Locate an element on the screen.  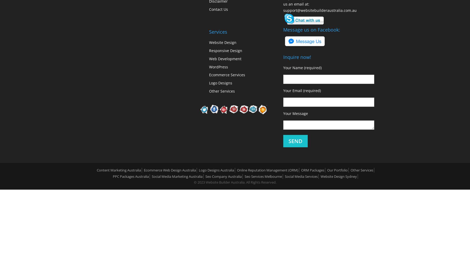
'Social Media Services' is located at coordinates (301, 176).